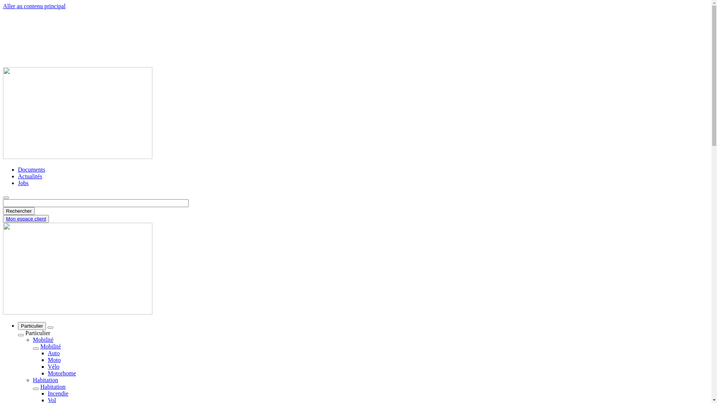  I want to click on 'Particulier', so click(31, 325).